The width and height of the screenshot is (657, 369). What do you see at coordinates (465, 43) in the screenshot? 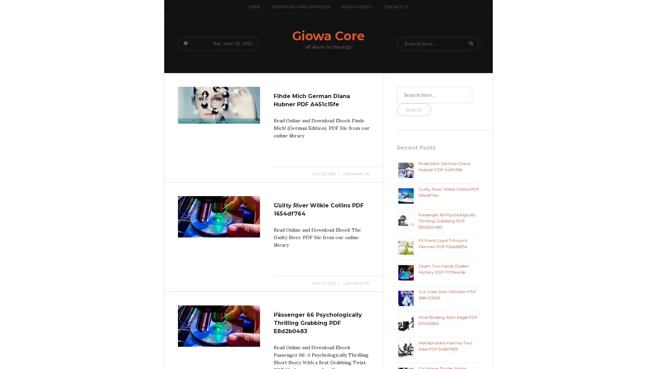
I see `Search` at bounding box center [465, 43].